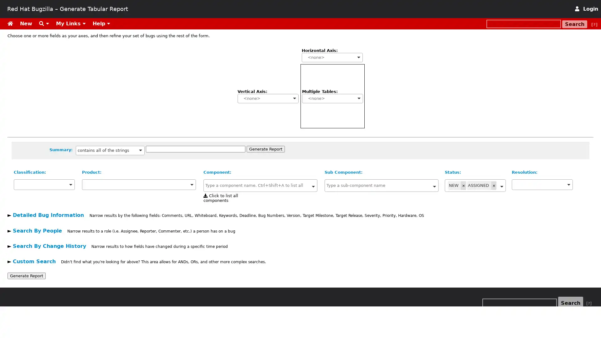 This screenshot has height=338, width=601. Describe the element at coordinates (575, 24) in the screenshot. I see `Search` at that location.